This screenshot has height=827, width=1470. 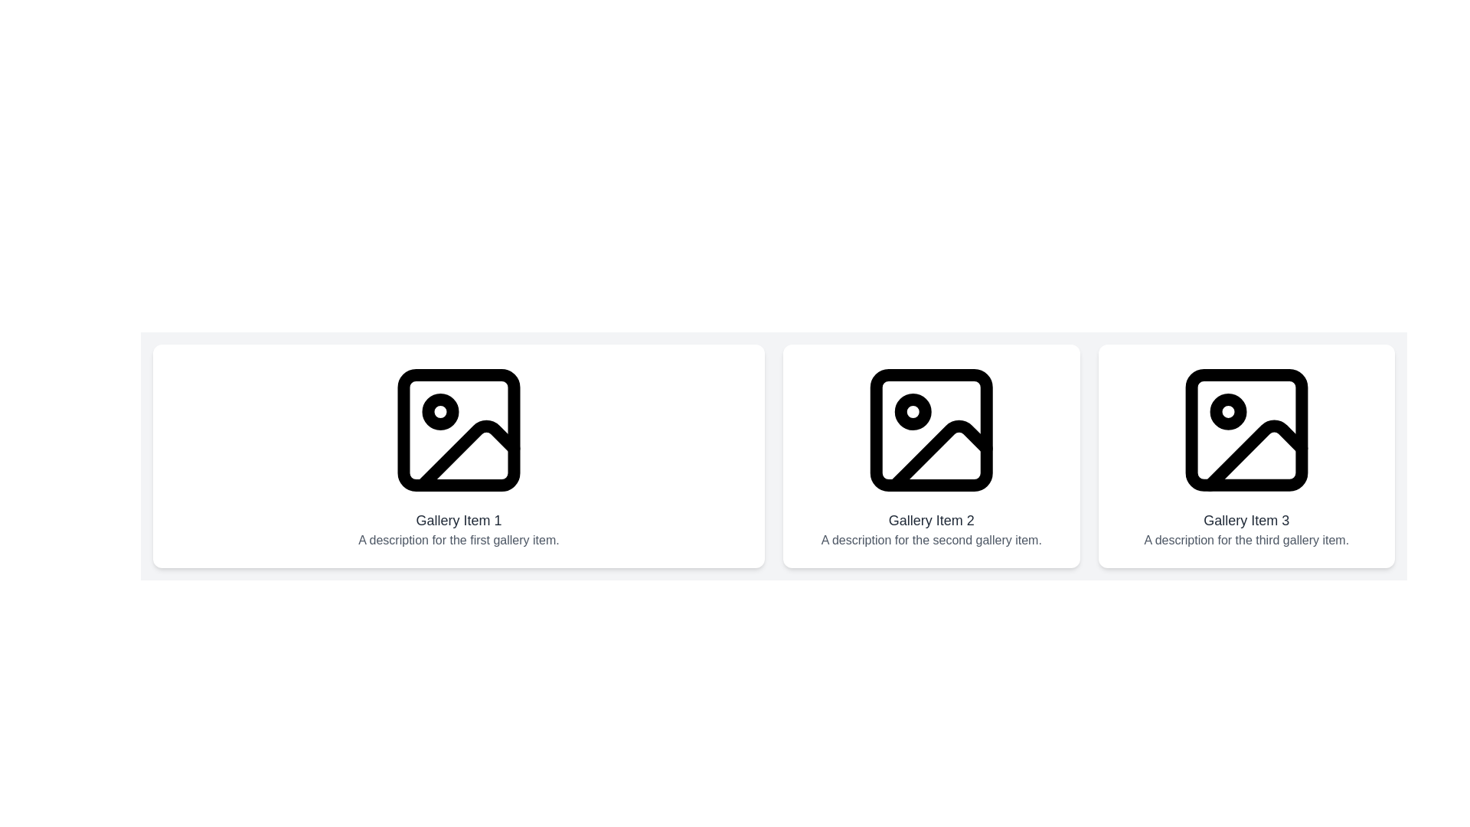 I want to click on the small circular graphical indicator located within the image icon of the second gallery section, positioned centrally within its graphical placeholder, so click(x=913, y=410).